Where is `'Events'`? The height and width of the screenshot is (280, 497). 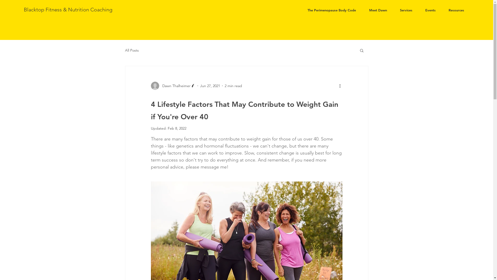 'Events' is located at coordinates (430, 10).